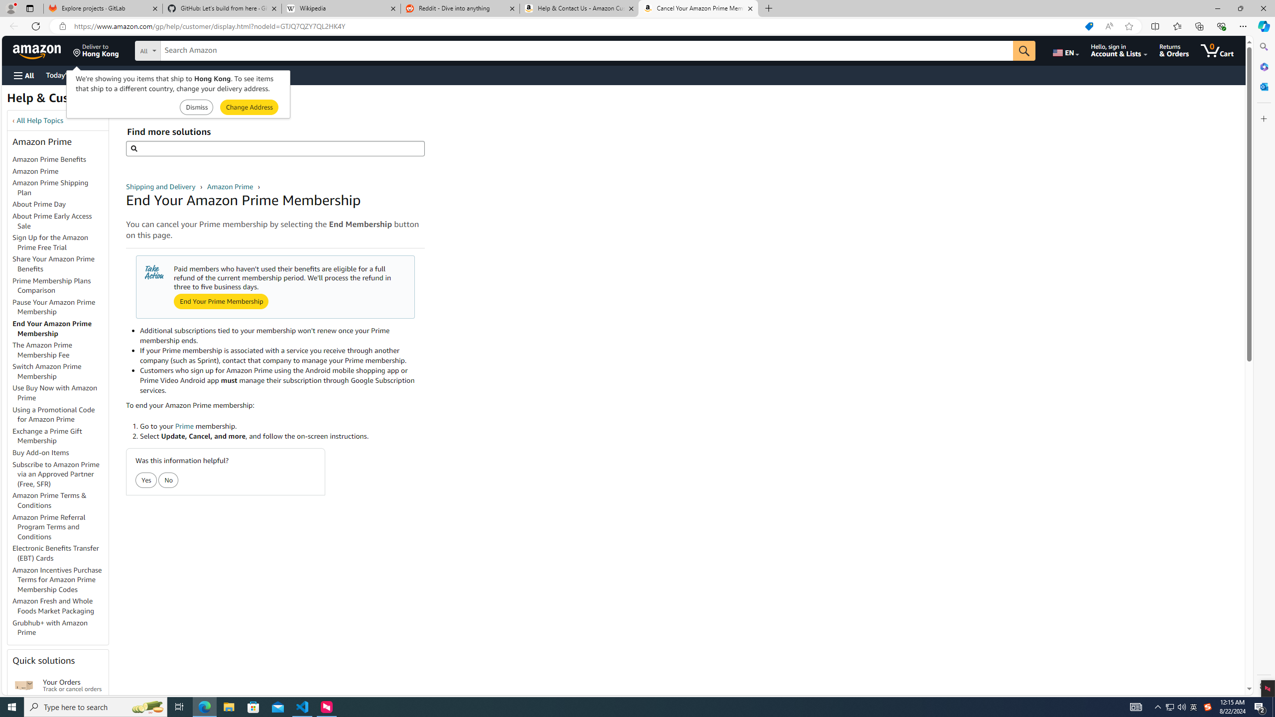  What do you see at coordinates (40, 120) in the screenshot?
I see `'All Help Topics'` at bounding box center [40, 120].